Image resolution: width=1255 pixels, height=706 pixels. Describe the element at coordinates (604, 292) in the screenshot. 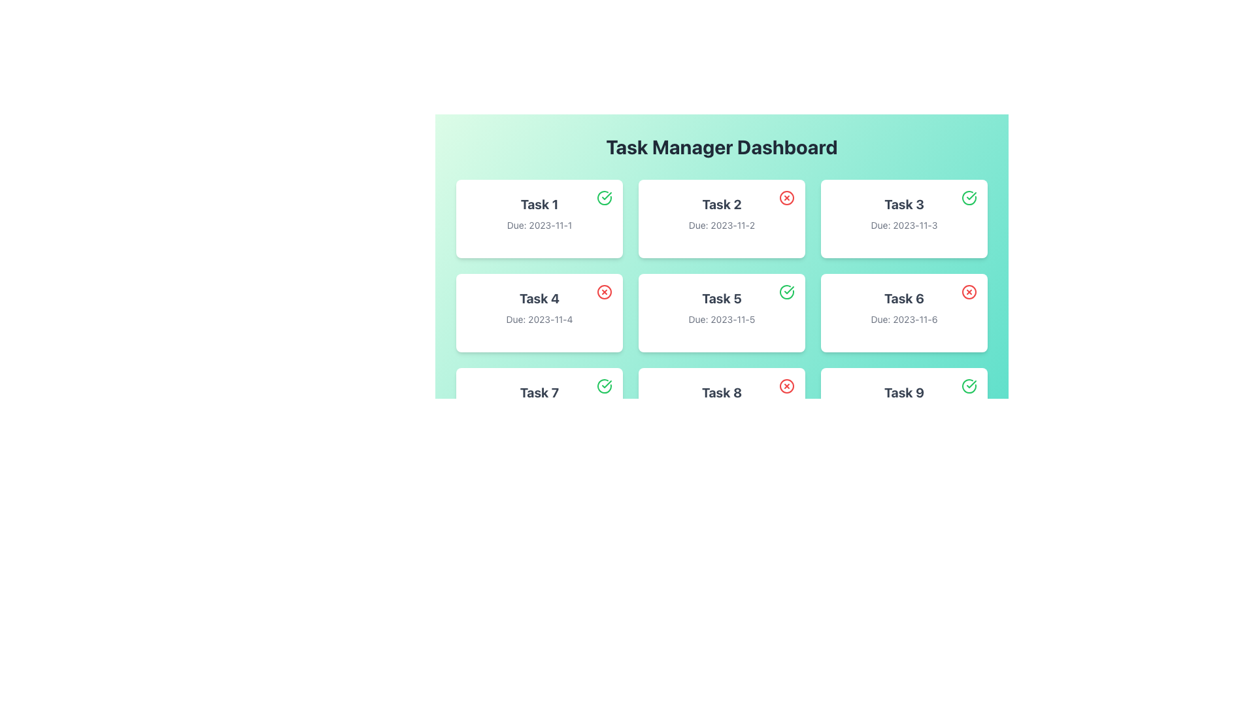

I see `the deletion or error indication icon located in the top-right corner of the 'Task 4' card` at that location.